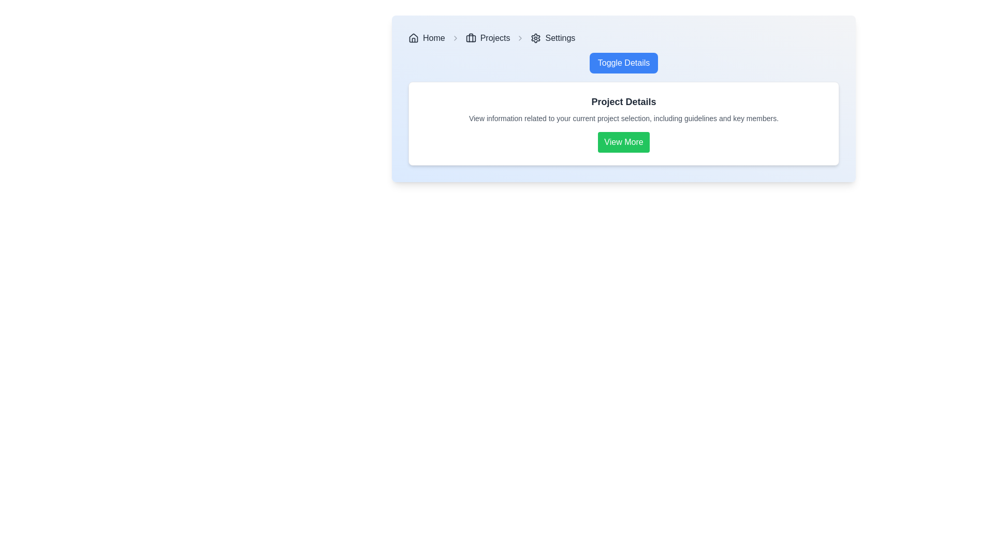  What do you see at coordinates (413, 37) in the screenshot?
I see `the 'Home' icon in the breadcrumb navigation located in the top navigation bar of the application` at bounding box center [413, 37].